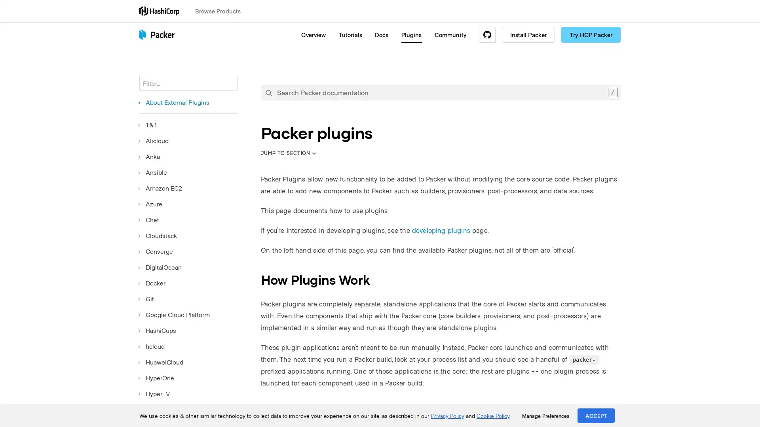  What do you see at coordinates (160, 267) in the screenshot?
I see `DigitalOcean` at bounding box center [160, 267].